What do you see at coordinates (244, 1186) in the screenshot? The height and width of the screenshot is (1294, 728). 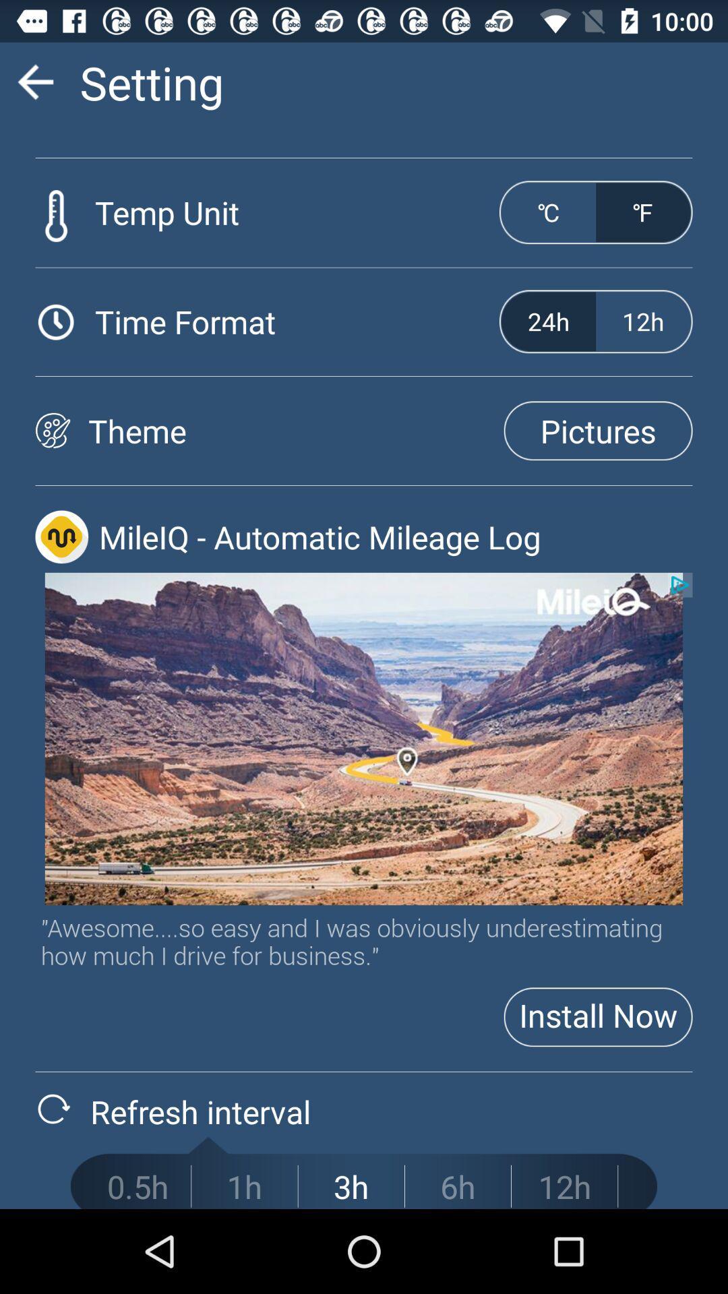 I see `the 1h item` at bounding box center [244, 1186].